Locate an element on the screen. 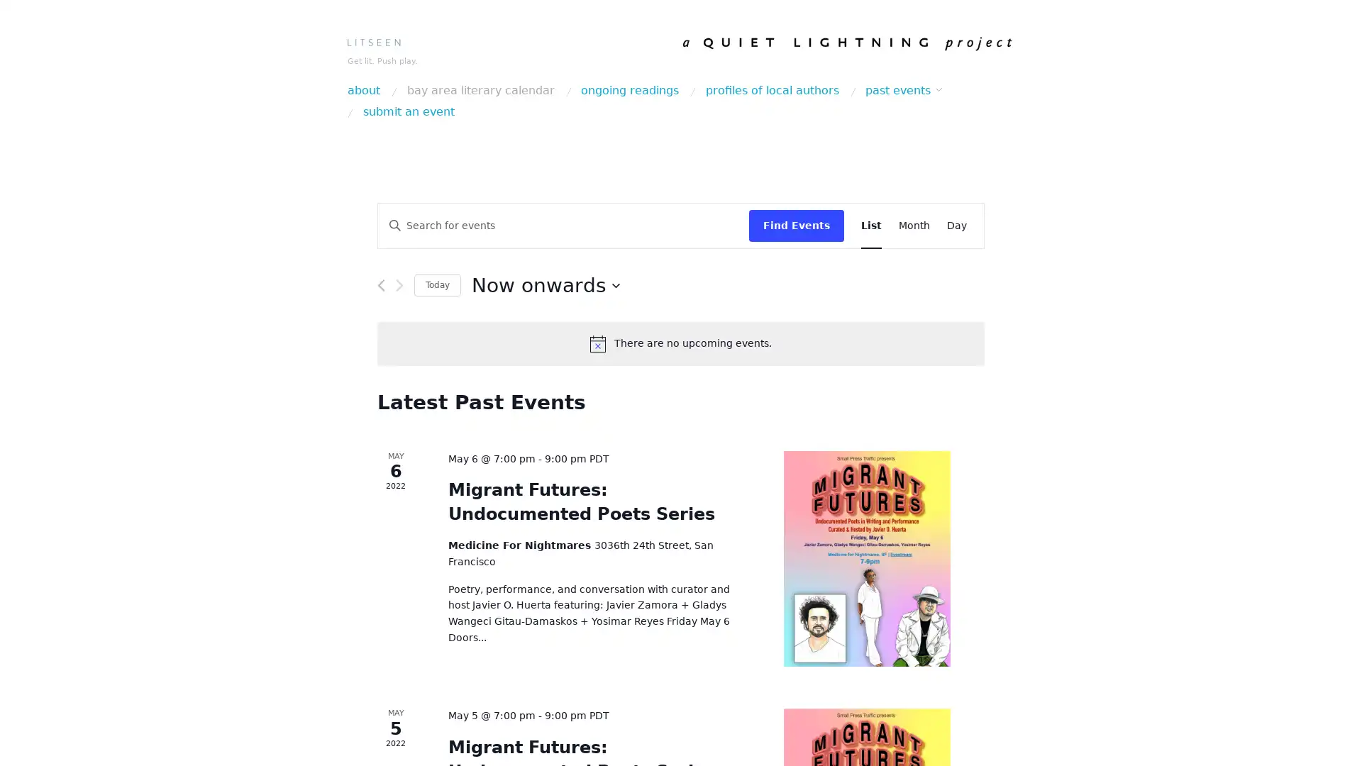 This screenshot has width=1362, height=766. Next Events is located at coordinates (399, 285).